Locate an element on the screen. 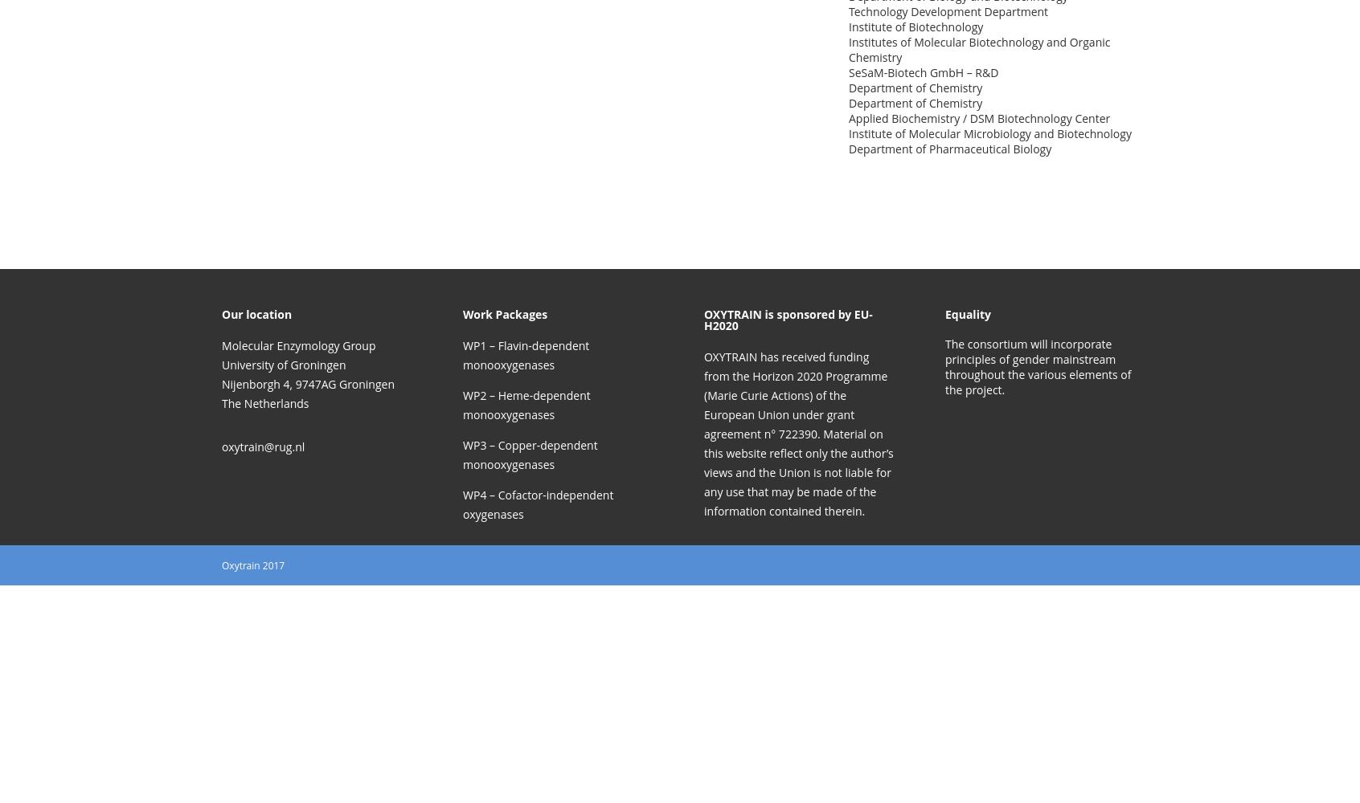  'WP4 – Cofactor-independent oxygenases' is located at coordinates (538, 504).